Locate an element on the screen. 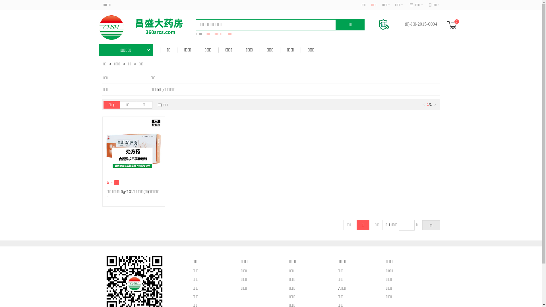 The height and width of the screenshot is (307, 546). '>' is located at coordinates (435, 104).